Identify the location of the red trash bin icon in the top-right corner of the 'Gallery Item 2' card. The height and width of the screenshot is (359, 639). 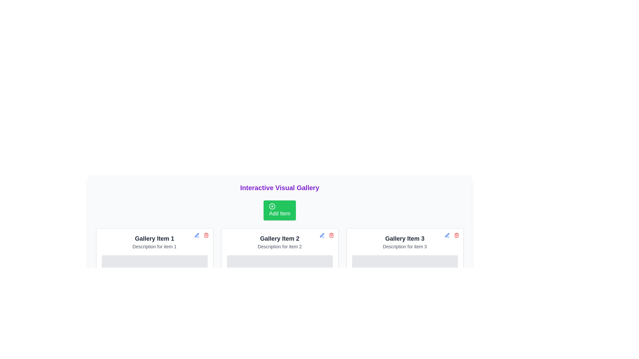
(331, 235).